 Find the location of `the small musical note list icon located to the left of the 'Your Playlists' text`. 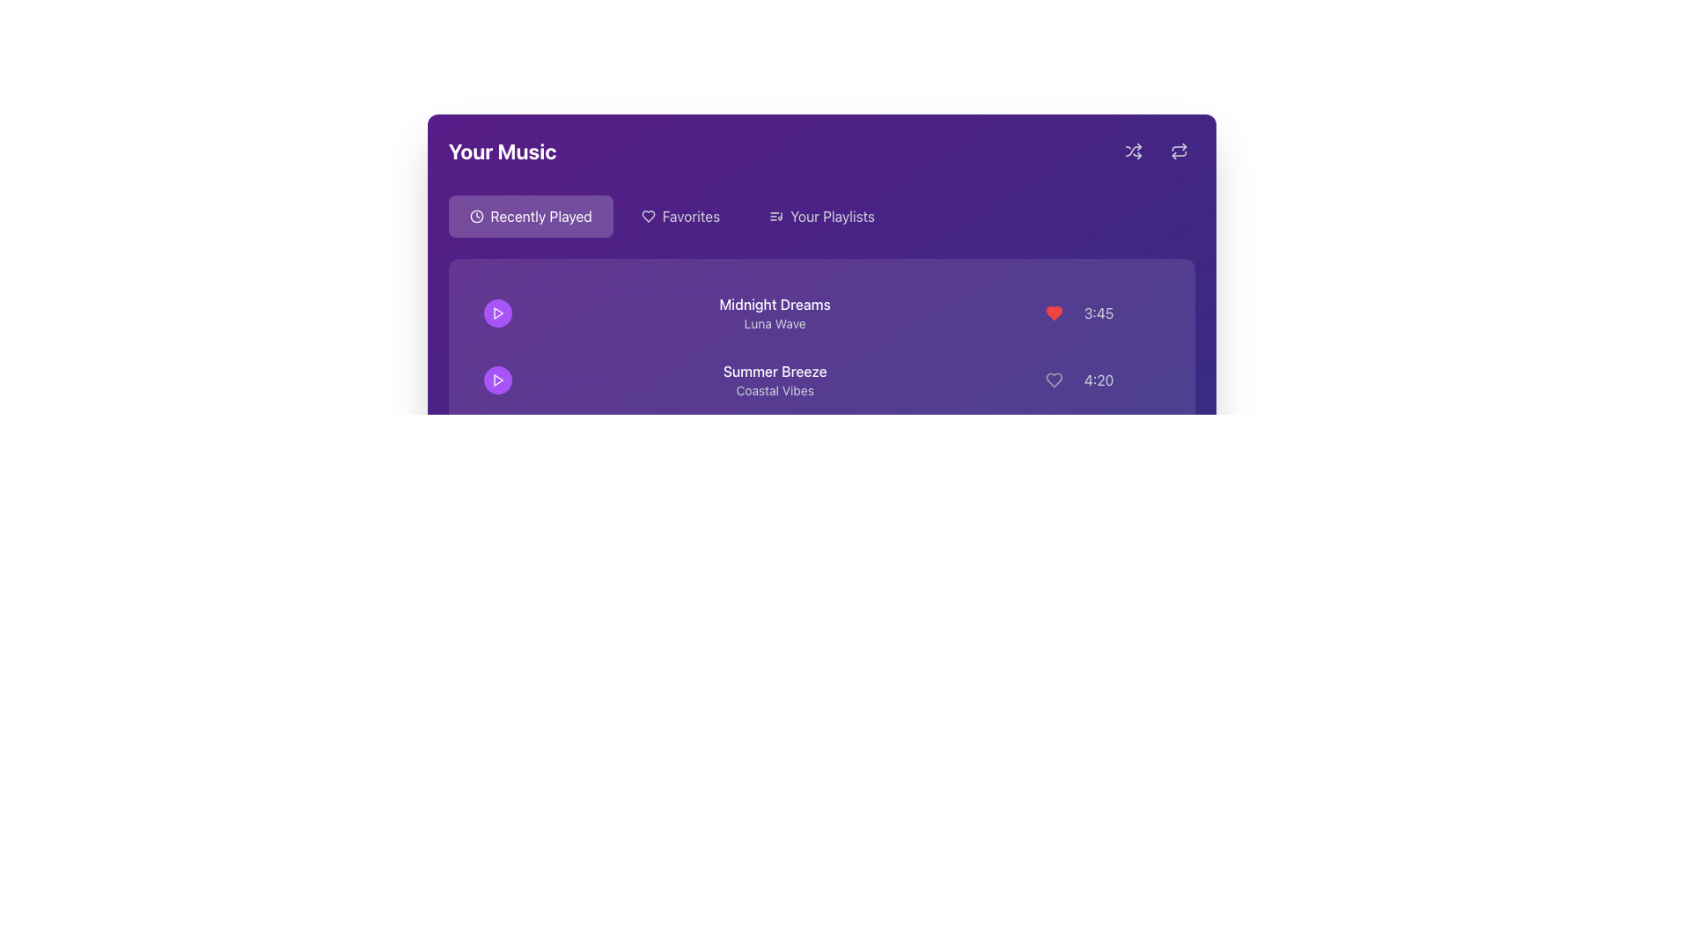

the small musical note list icon located to the left of the 'Your Playlists' text is located at coordinates (775, 216).